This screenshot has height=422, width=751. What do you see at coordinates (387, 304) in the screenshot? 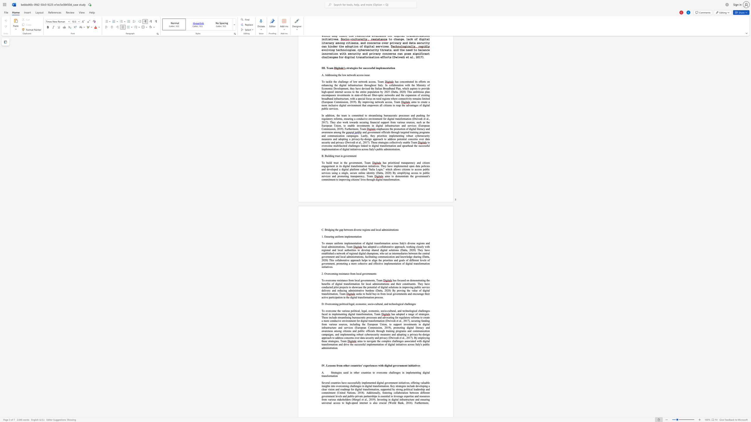
I see `the 1th character "d" in the text` at bounding box center [387, 304].